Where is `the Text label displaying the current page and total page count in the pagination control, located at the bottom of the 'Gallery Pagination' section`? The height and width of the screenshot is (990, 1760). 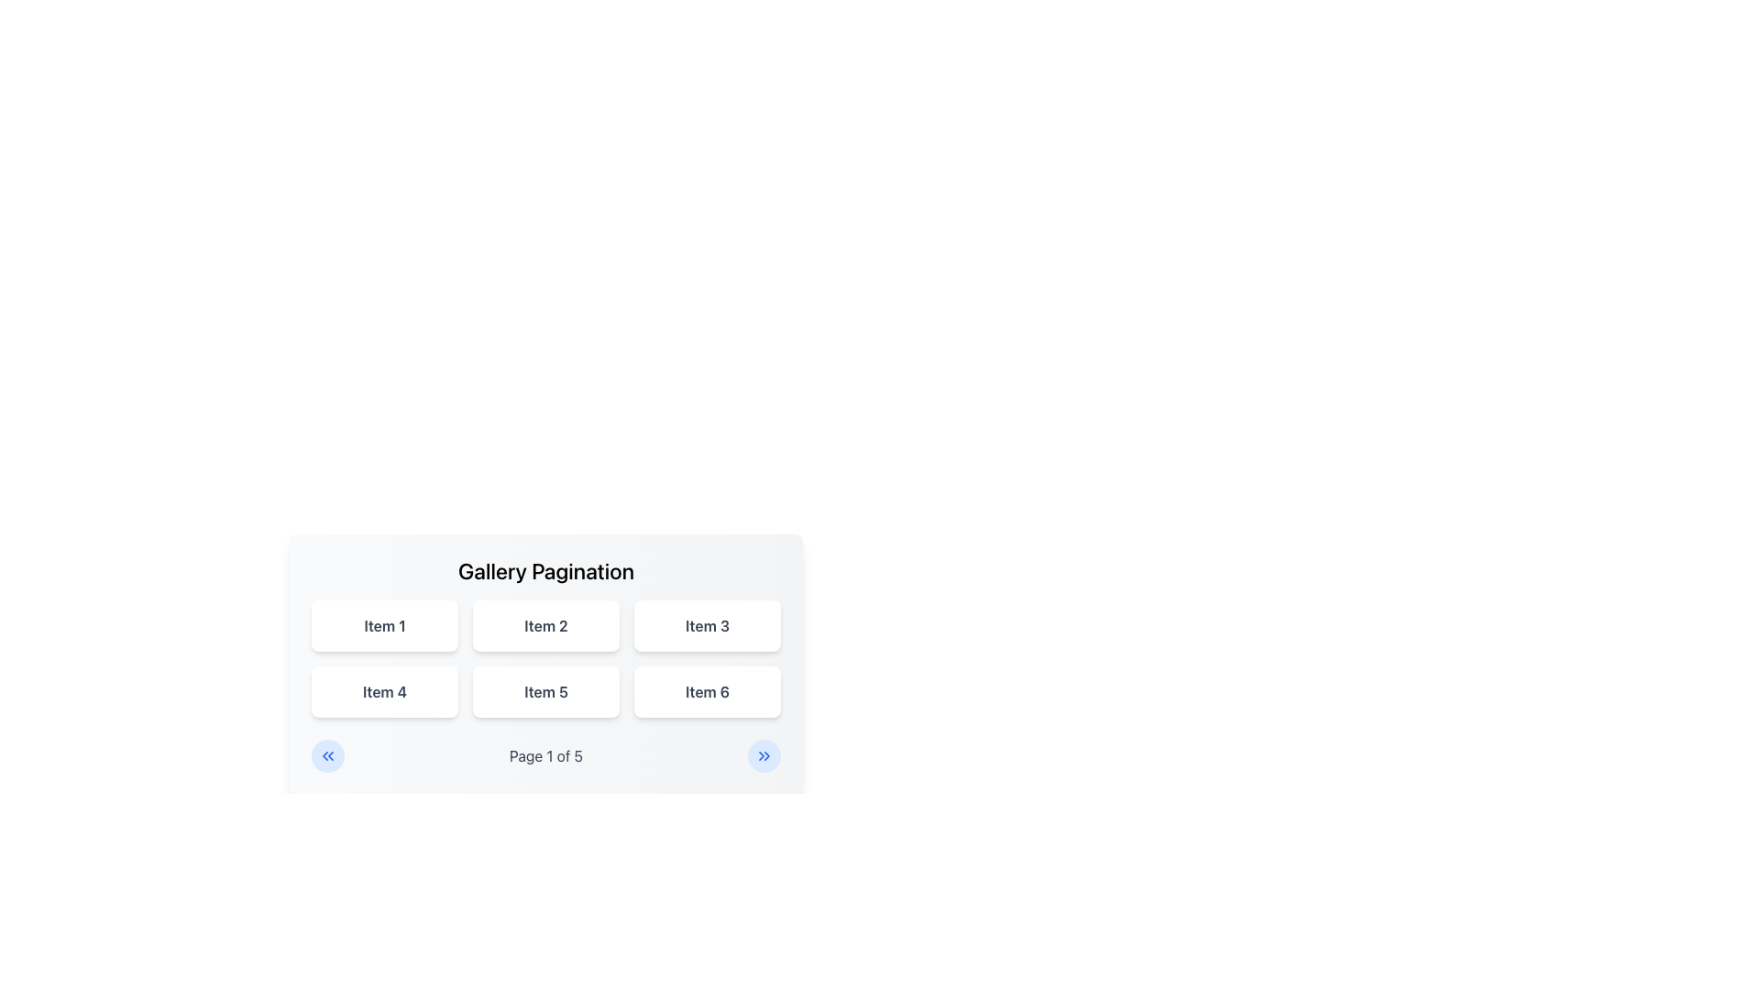 the Text label displaying the current page and total page count in the pagination control, located at the bottom of the 'Gallery Pagination' section is located at coordinates (544, 756).